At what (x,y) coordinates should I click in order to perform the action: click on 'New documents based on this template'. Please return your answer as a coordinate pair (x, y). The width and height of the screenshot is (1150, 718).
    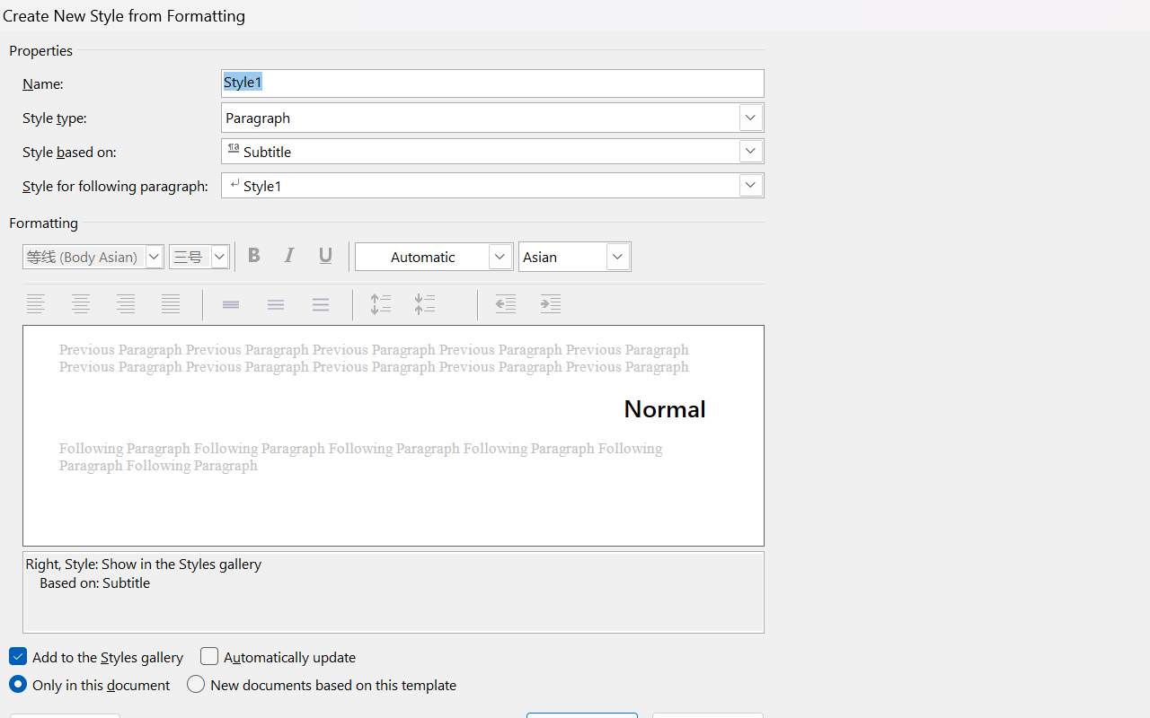
    Looking at the image, I should click on (323, 685).